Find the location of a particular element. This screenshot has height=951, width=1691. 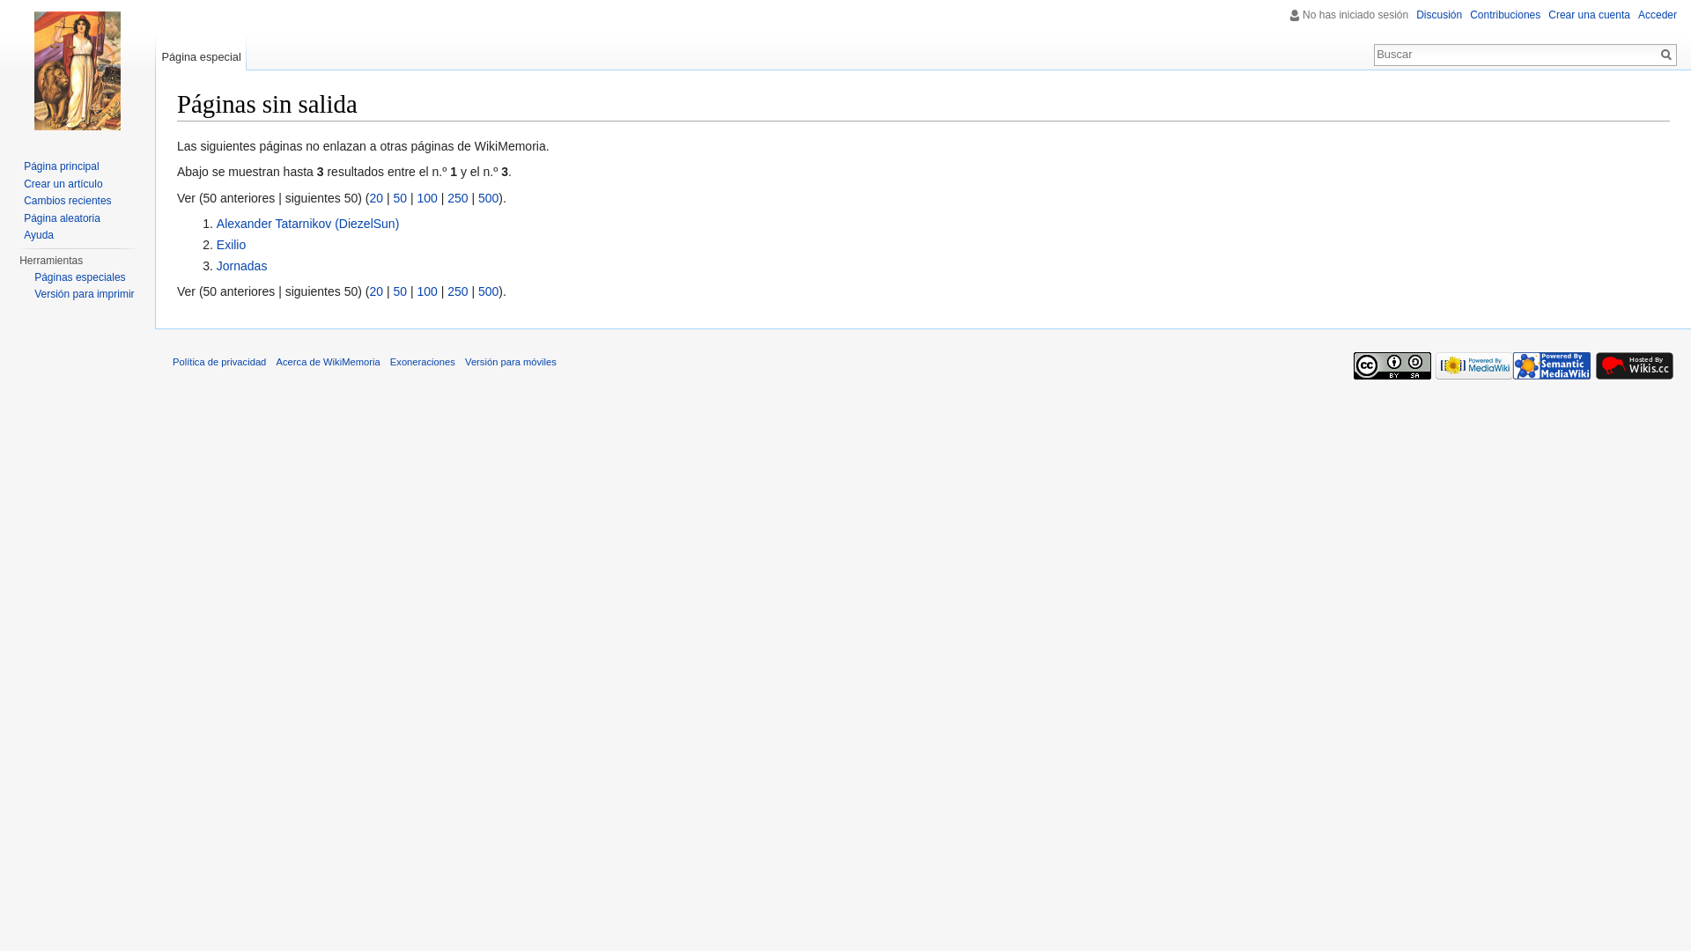

'Acceder' is located at coordinates (1656, 14).